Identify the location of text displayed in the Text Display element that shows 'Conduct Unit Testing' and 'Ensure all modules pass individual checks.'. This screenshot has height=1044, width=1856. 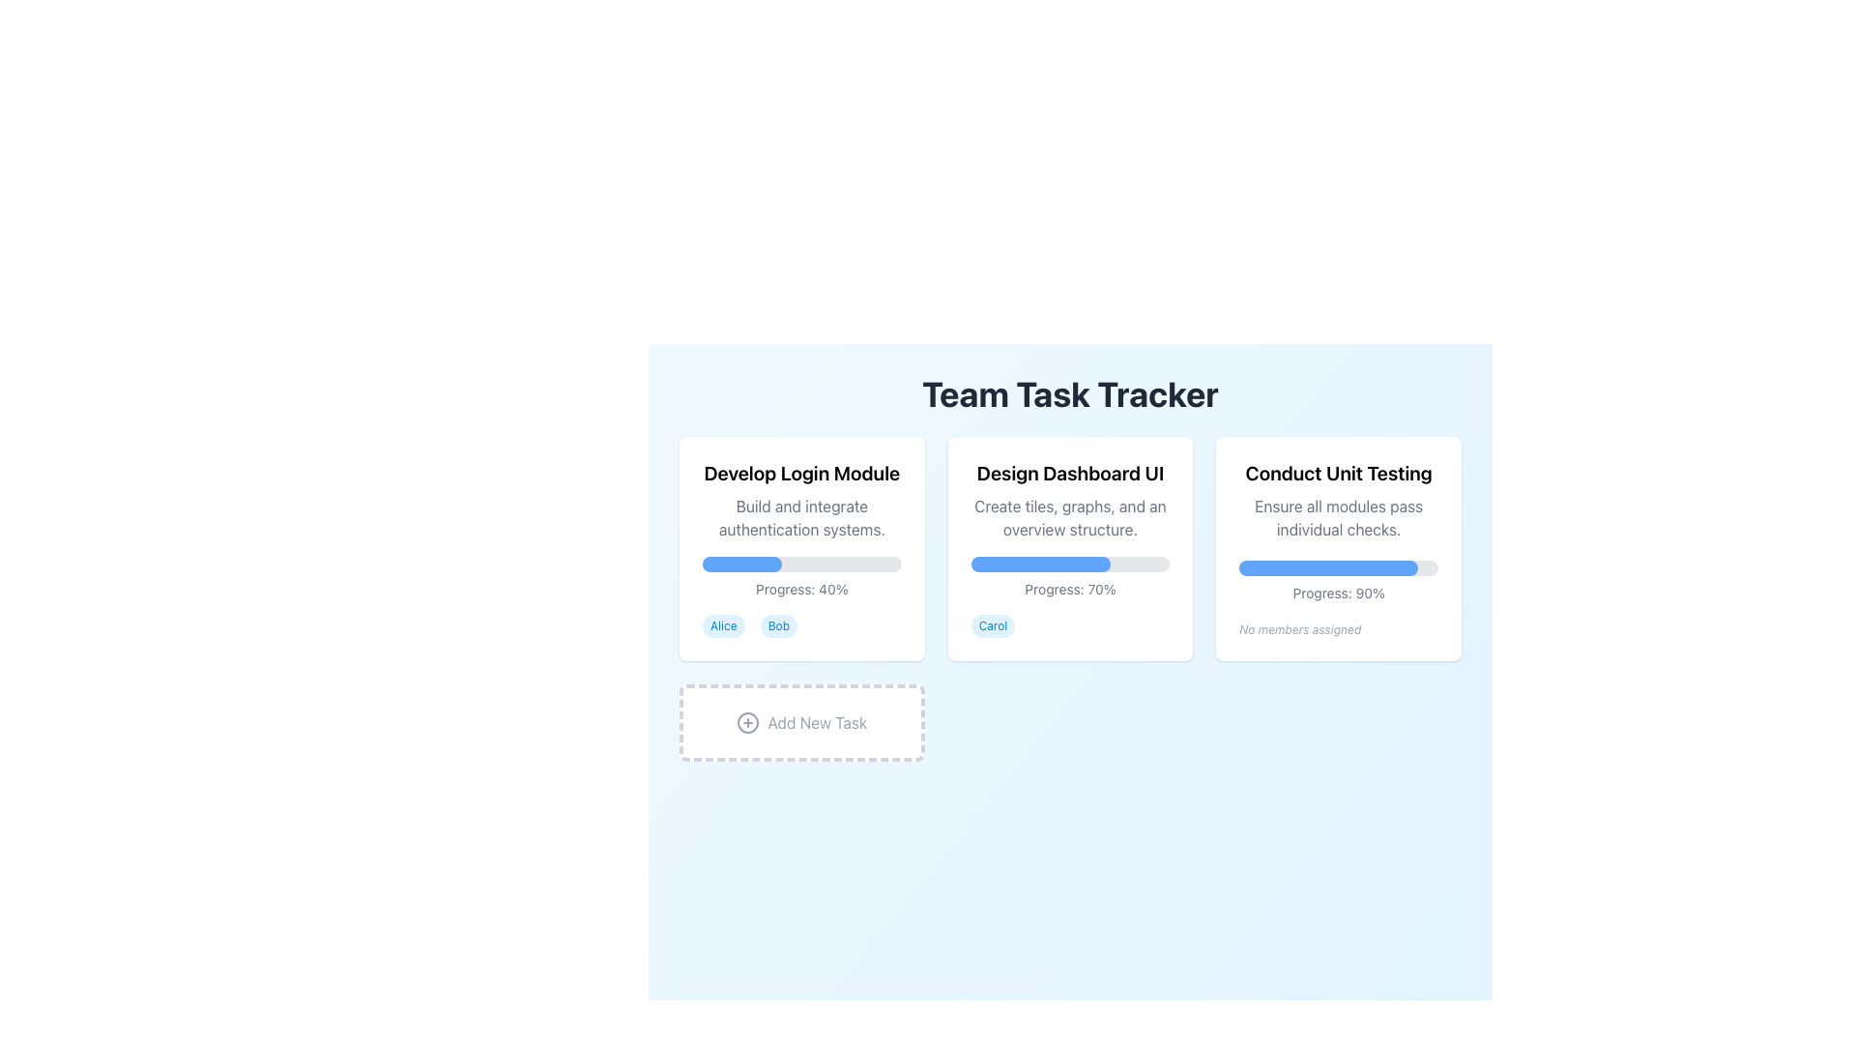
(1338, 507).